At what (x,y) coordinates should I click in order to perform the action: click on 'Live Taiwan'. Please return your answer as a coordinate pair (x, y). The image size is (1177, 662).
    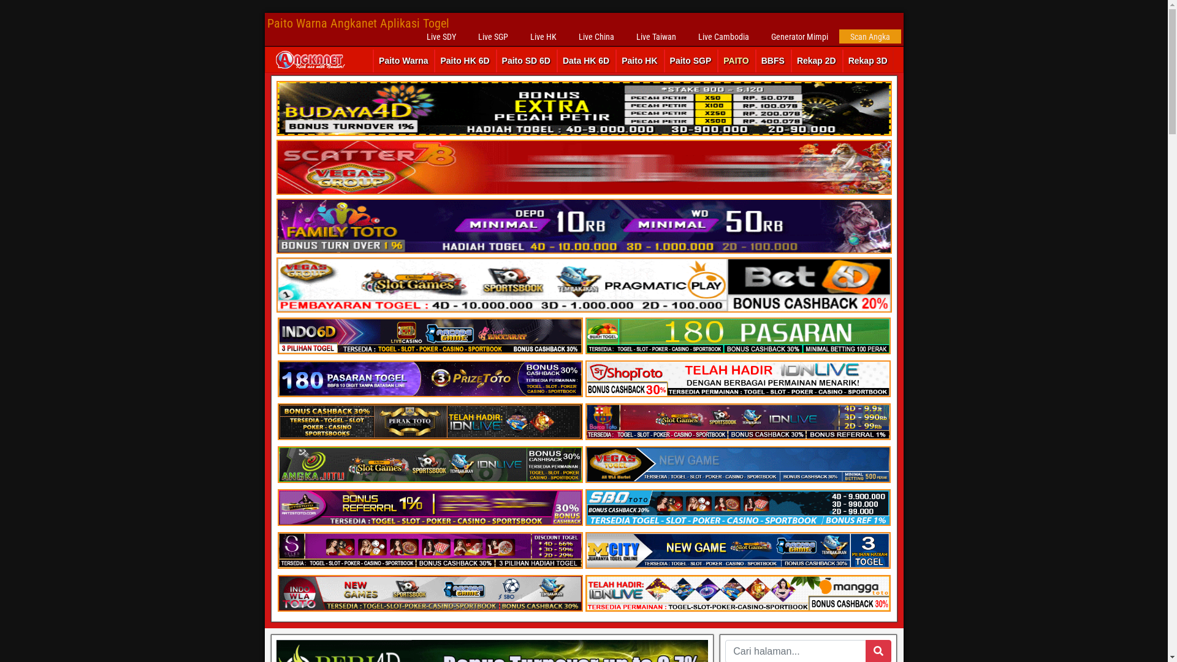
    Looking at the image, I should click on (655, 36).